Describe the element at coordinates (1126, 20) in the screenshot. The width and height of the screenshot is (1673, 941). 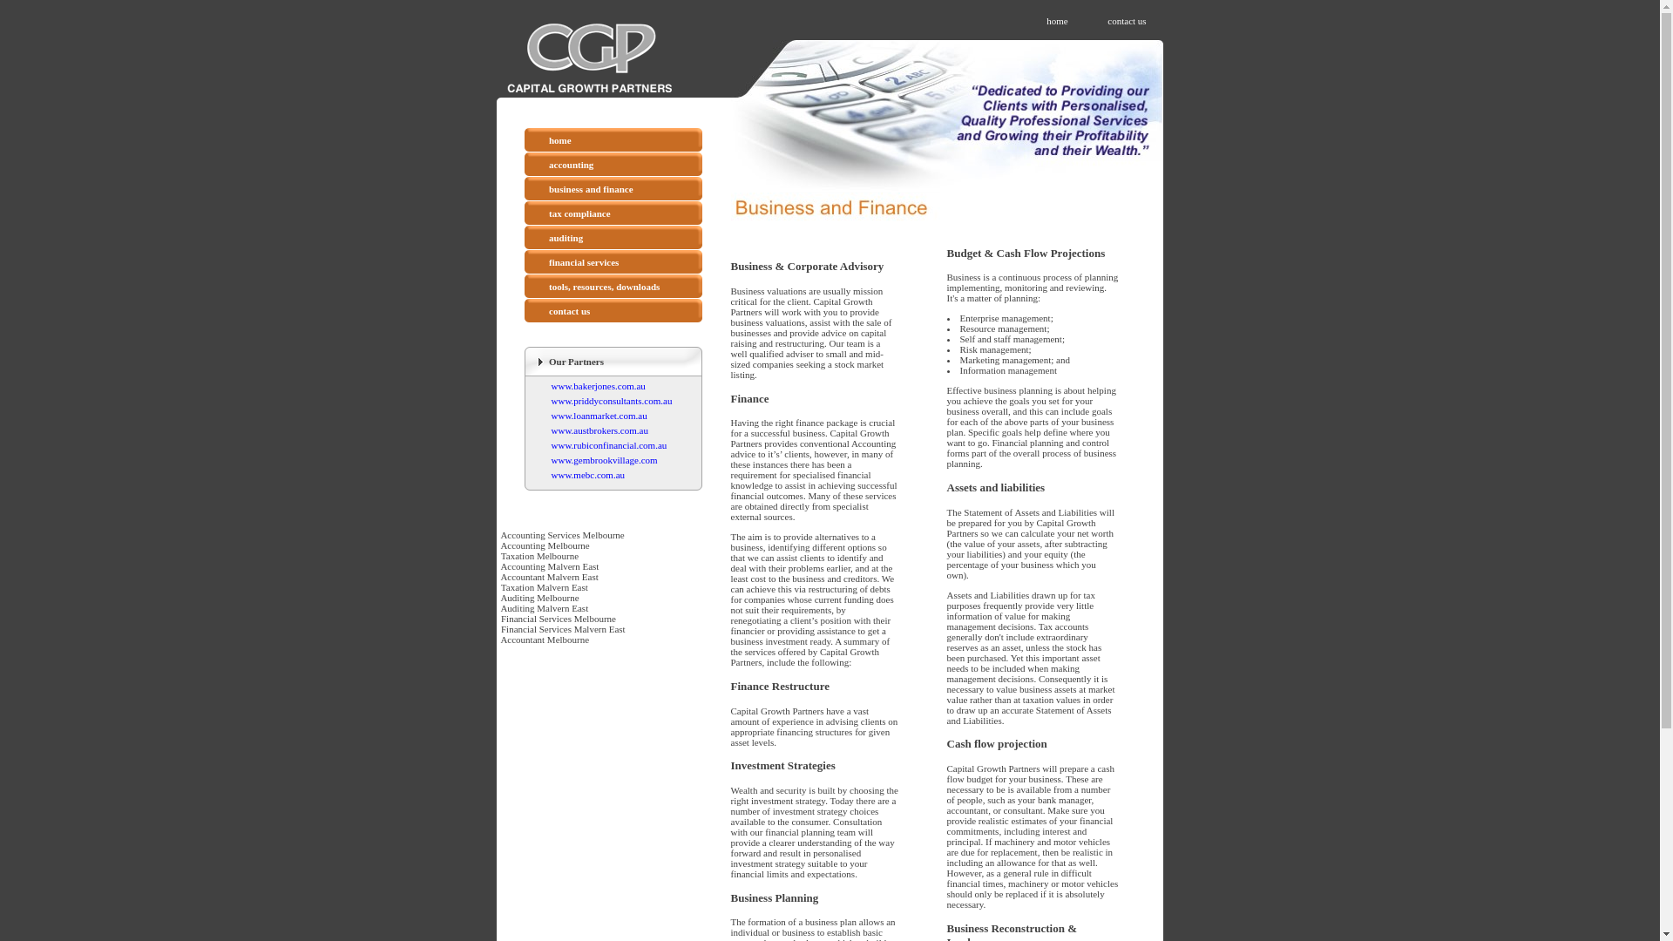
I see `'contact us'` at that location.